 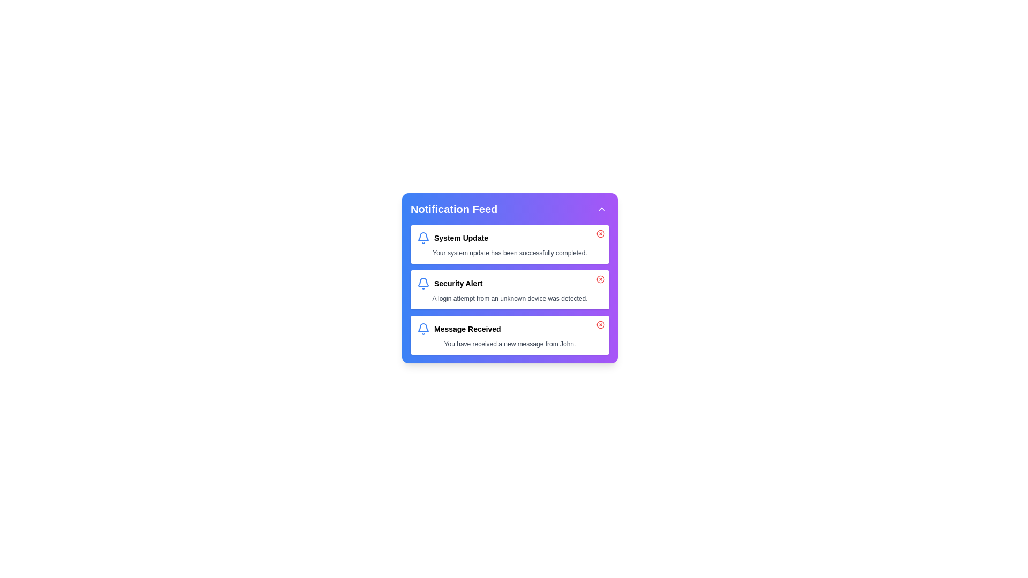 What do you see at coordinates (467, 328) in the screenshot?
I see `the third notification title text label` at bounding box center [467, 328].